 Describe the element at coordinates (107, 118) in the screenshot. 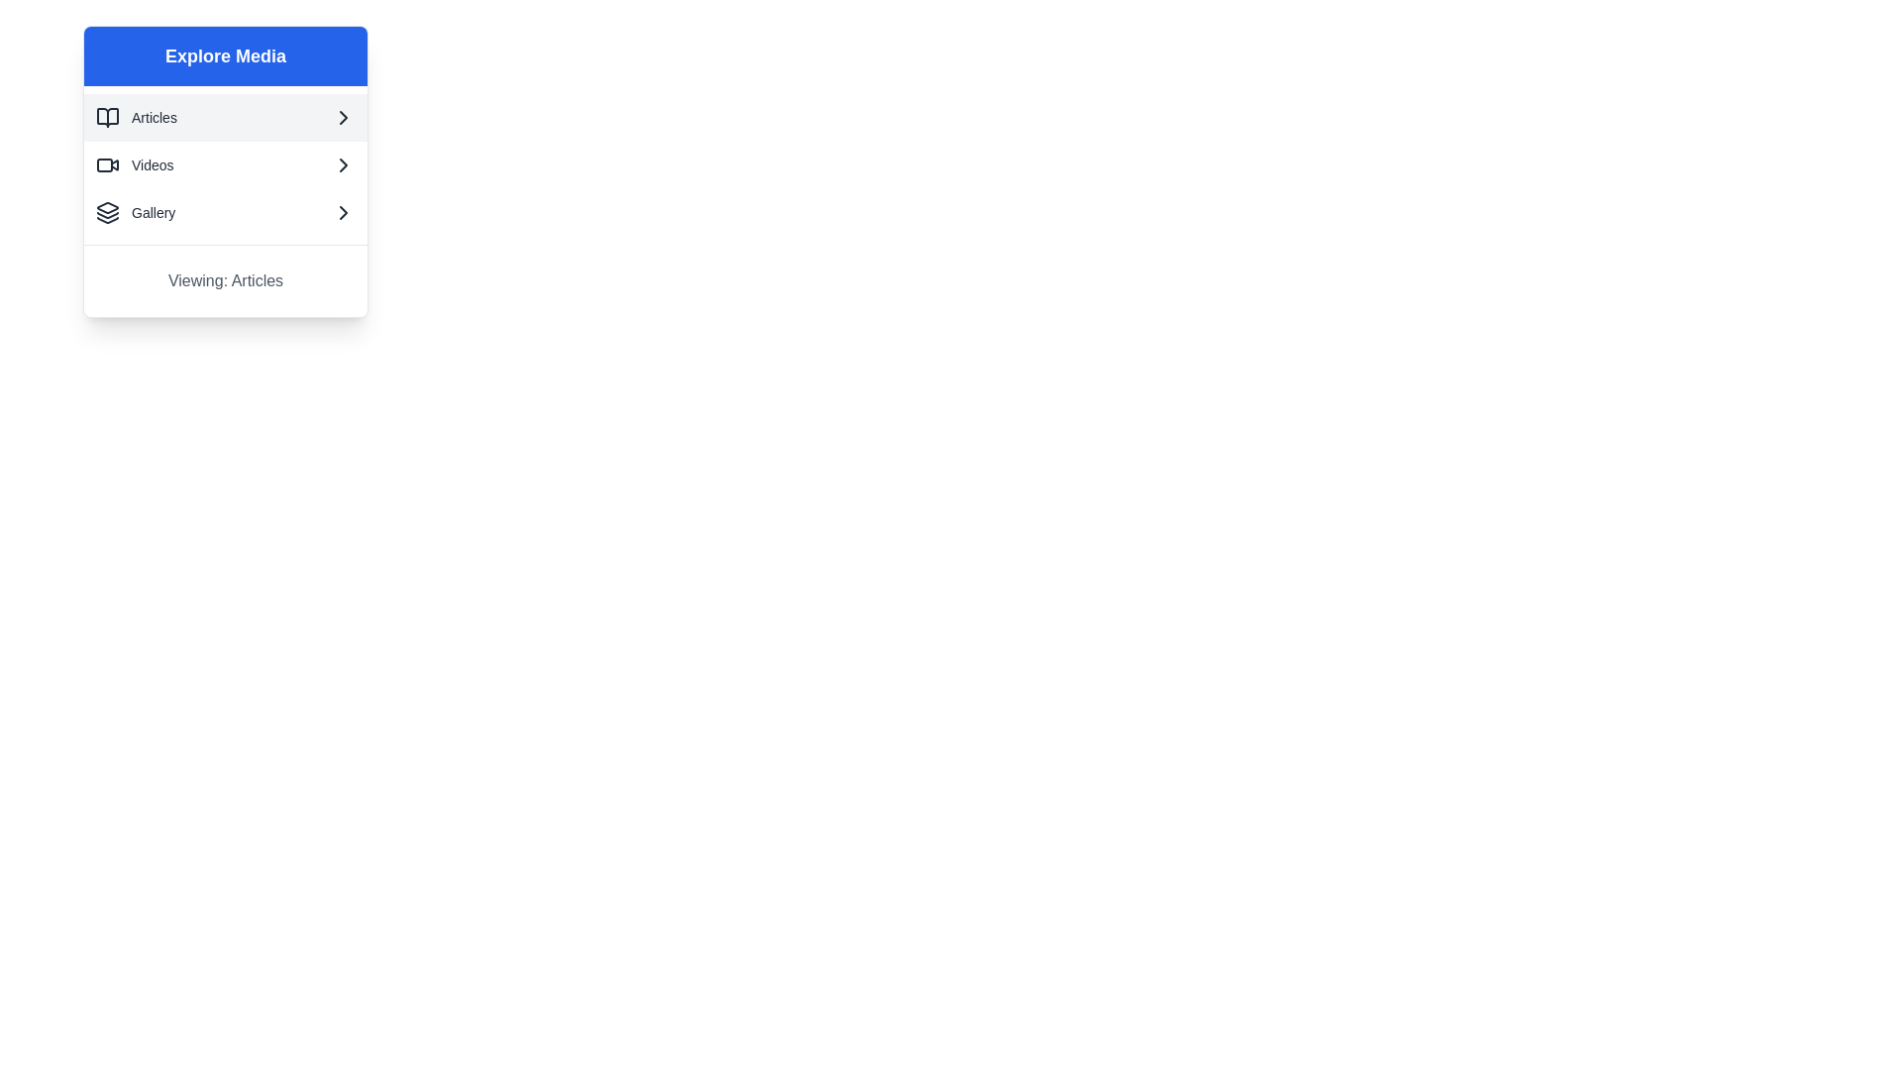

I see `the open book icon in the 'Explore Media' menu, which is located next to the text 'Articles'` at that location.